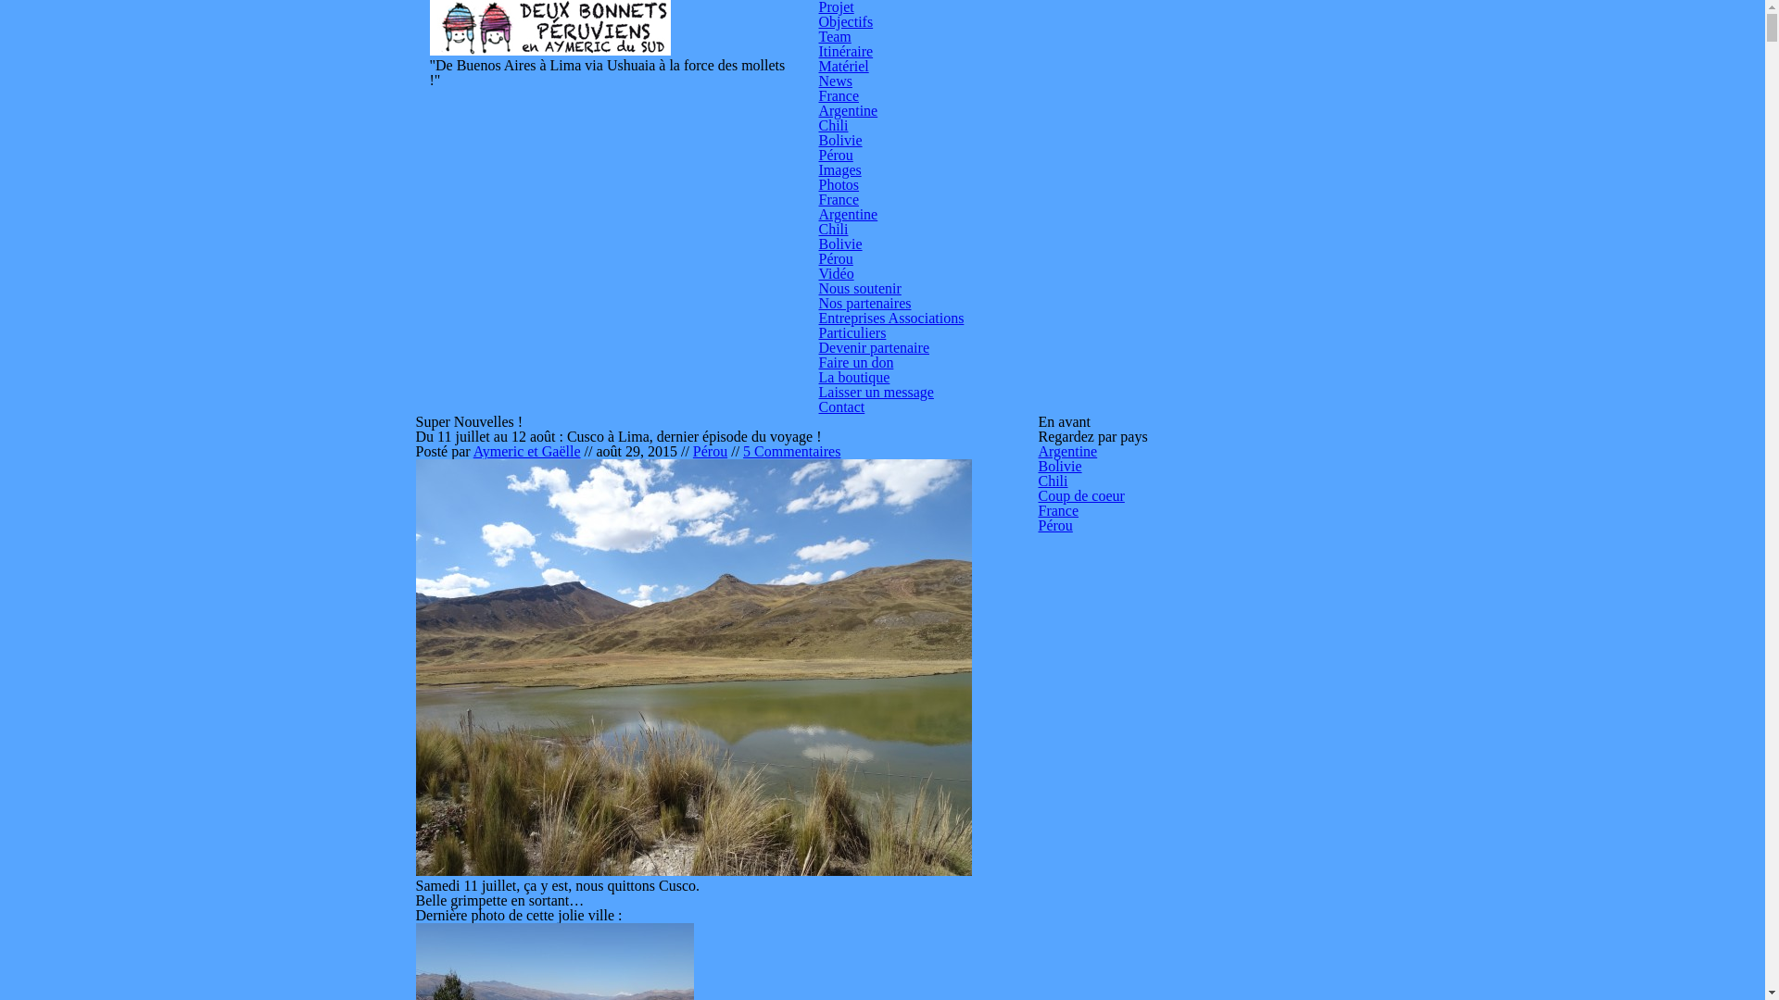 The image size is (1779, 1000). What do you see at coordinates (1080, 494) in the screenshot?
I see `'Coup de coeur'` at bounding box center [1080, 494].